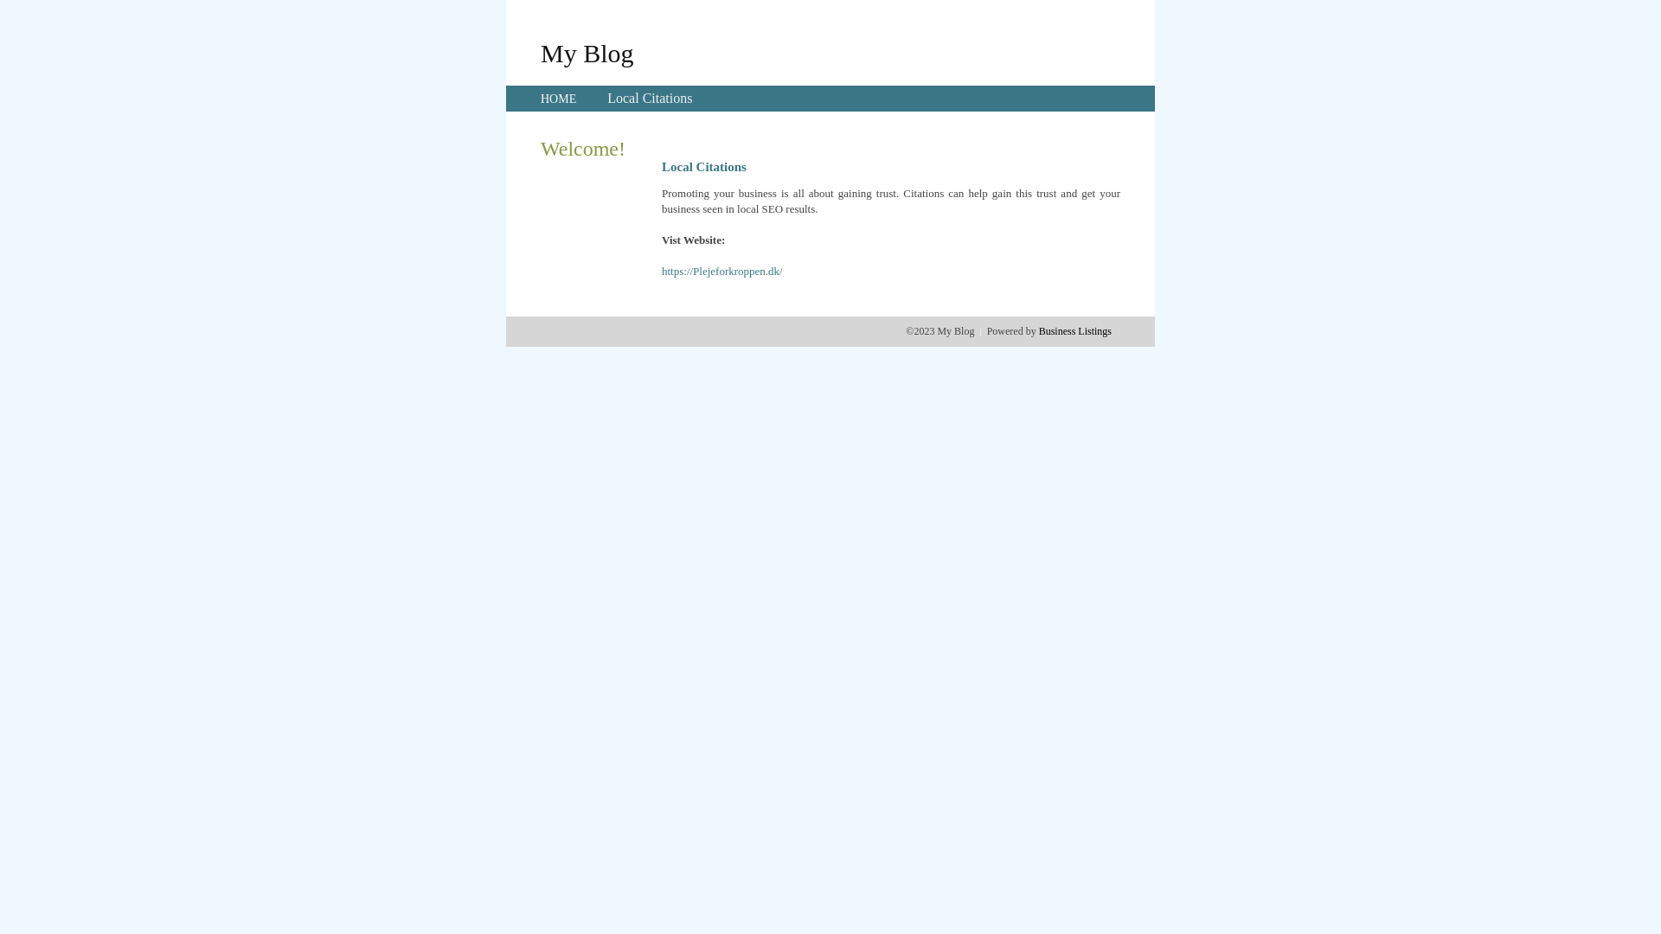 The height and width of the screenshot is (934, 1661). What do you see at coordinates (1074, 330) in the screenshot?
I see `'Business Listings'` at bounding box center [1074, 330].